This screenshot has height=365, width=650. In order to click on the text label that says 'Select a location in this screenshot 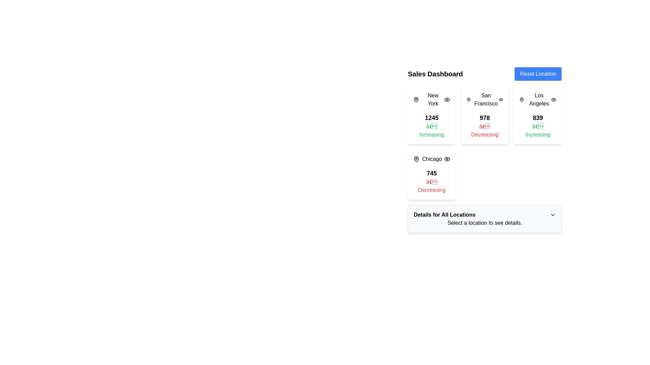, I will do `click(484, 223)`.